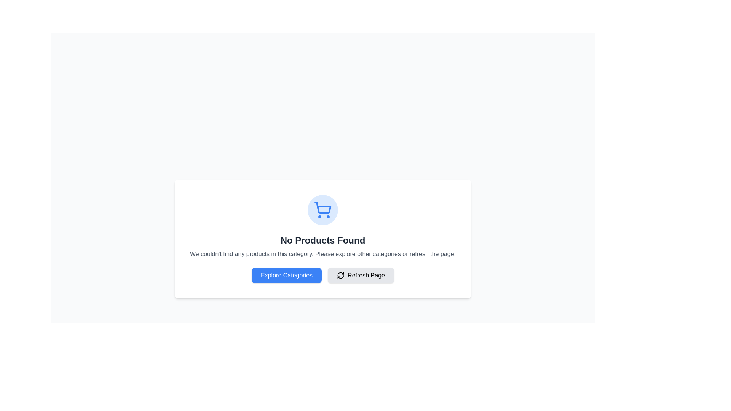 Image resolution: width=731 pixels, height=411 pixels. I want to click on the cart icon, which is centered within a blue, rounded background, located near the top of a white card displaying a 'No Products Found' message, so click(323, 210).